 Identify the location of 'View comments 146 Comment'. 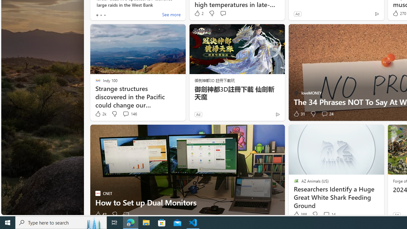
(126, 113).